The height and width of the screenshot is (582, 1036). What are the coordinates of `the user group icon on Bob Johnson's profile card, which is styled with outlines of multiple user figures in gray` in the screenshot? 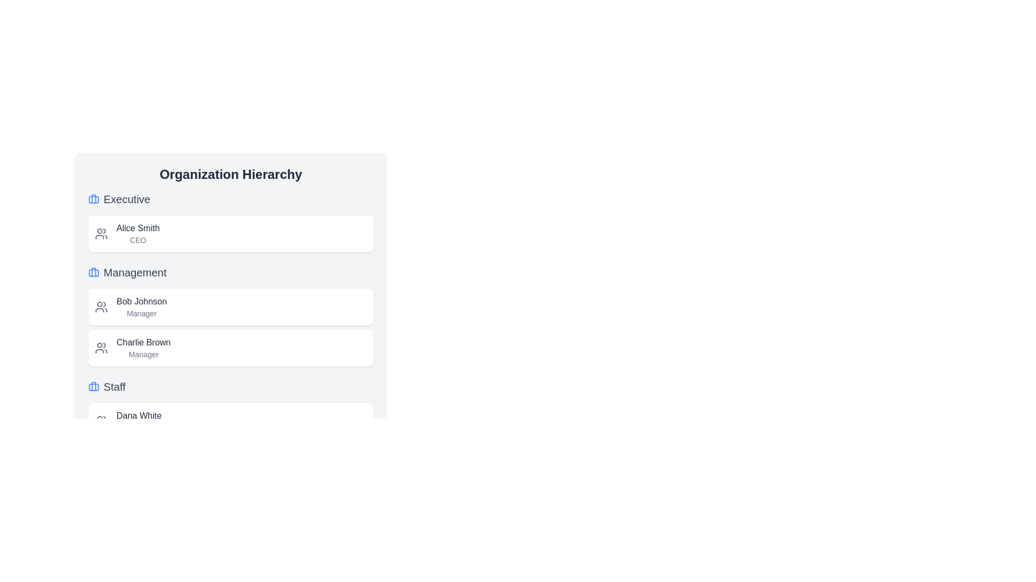 It's located at (101, 307).